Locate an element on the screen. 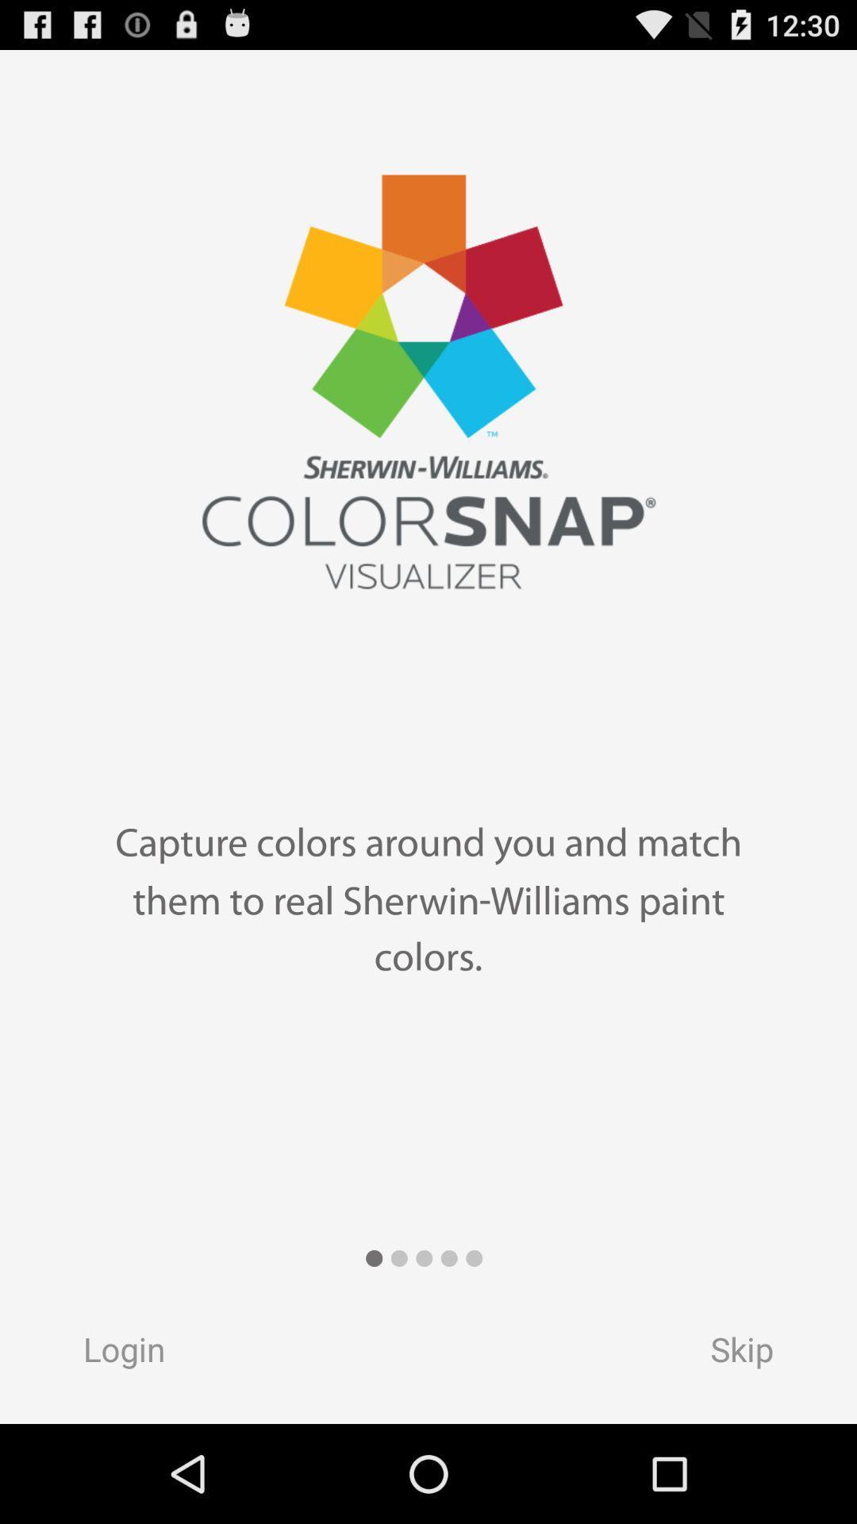 Image resolution: width=857 pixels, height=1524 pixels. item below the capture colors around app is located at coordinates (756, 1353).